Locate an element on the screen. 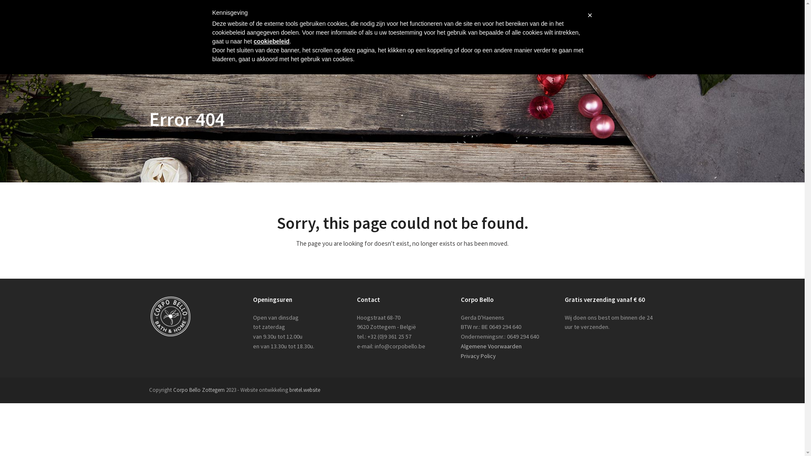 The image size is (811, 456). 'CADEAUBON' is located at coordinates (528, 34).